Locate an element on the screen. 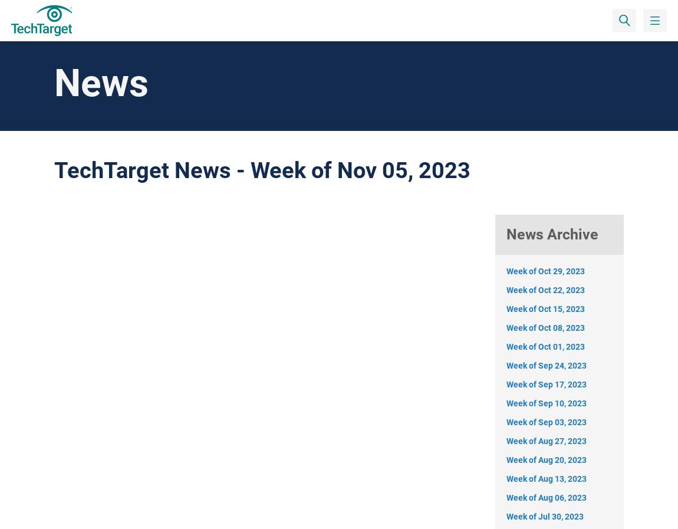  'Week of Aug 27, 2023' is located at coordinates (547, 441).